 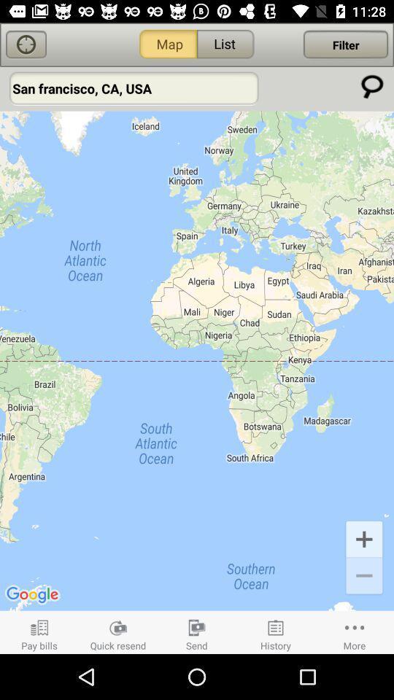 I want to click on map button, so click(x=26, y=44).